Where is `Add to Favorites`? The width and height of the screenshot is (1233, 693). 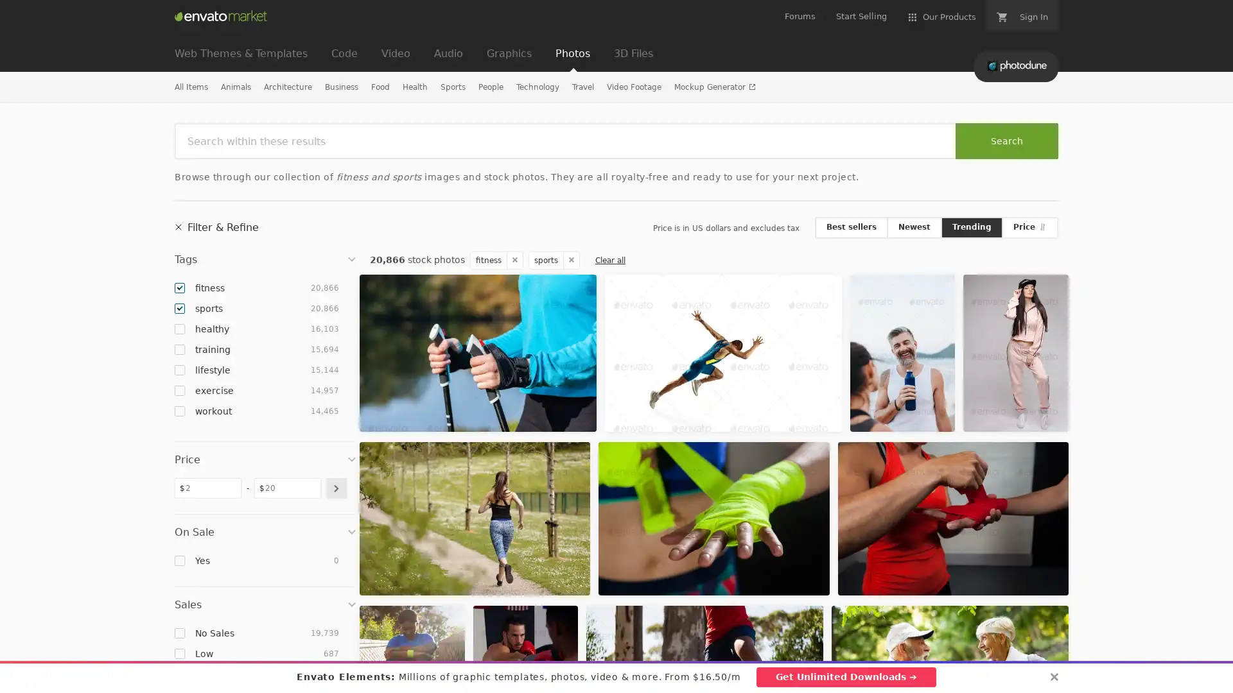
Add to Favorites is located at coordinates (1051, 458).